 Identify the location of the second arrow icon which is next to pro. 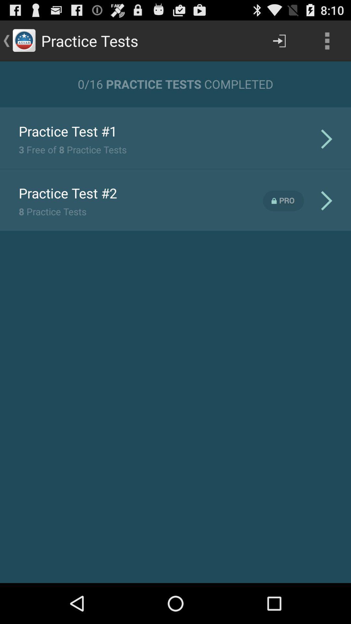
(327, 200).